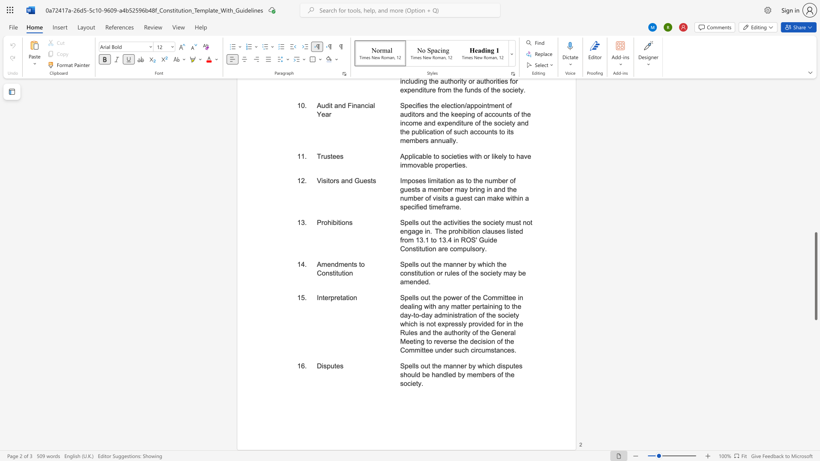 This screenshot has width=820, height=461. I want to click on the subset text "ts to Con" within the text "Amendments to Constitution", so click(351, 264).